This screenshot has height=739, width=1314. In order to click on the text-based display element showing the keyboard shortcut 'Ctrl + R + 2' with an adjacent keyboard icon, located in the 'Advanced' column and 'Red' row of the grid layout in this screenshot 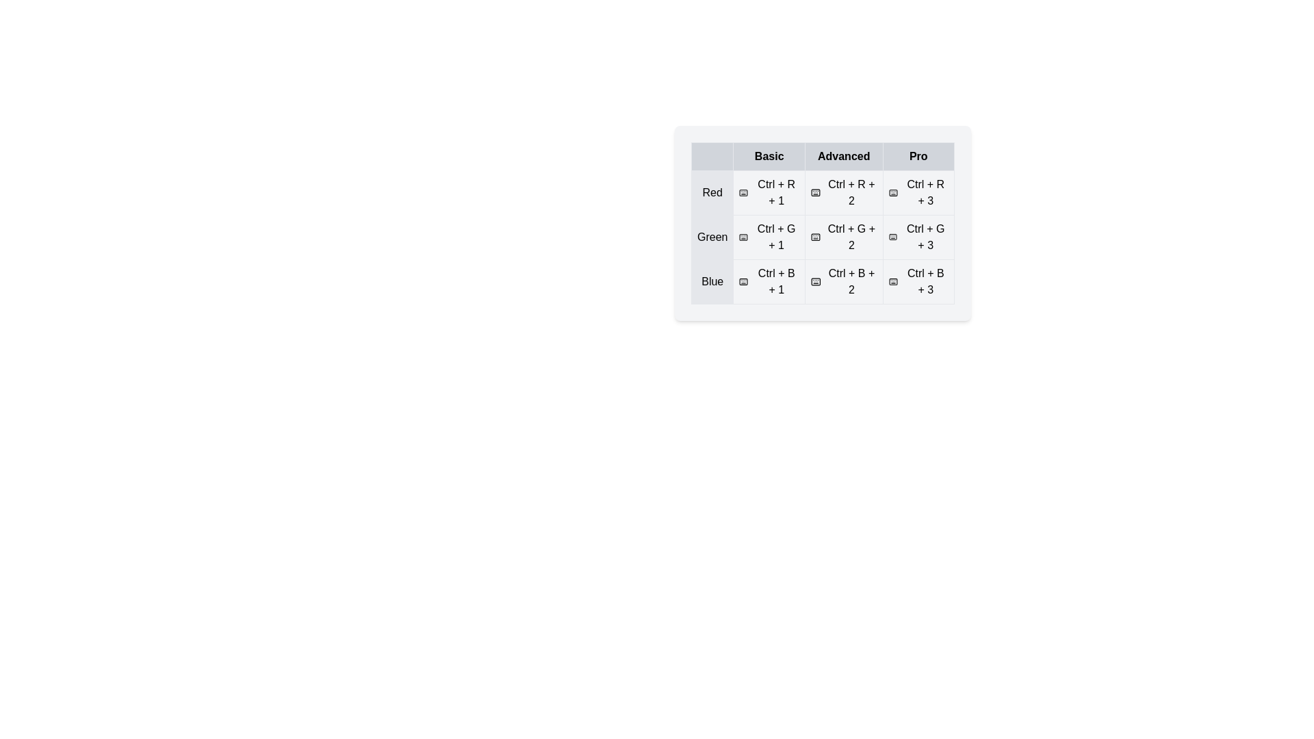, I will do `click(843, 192)`.